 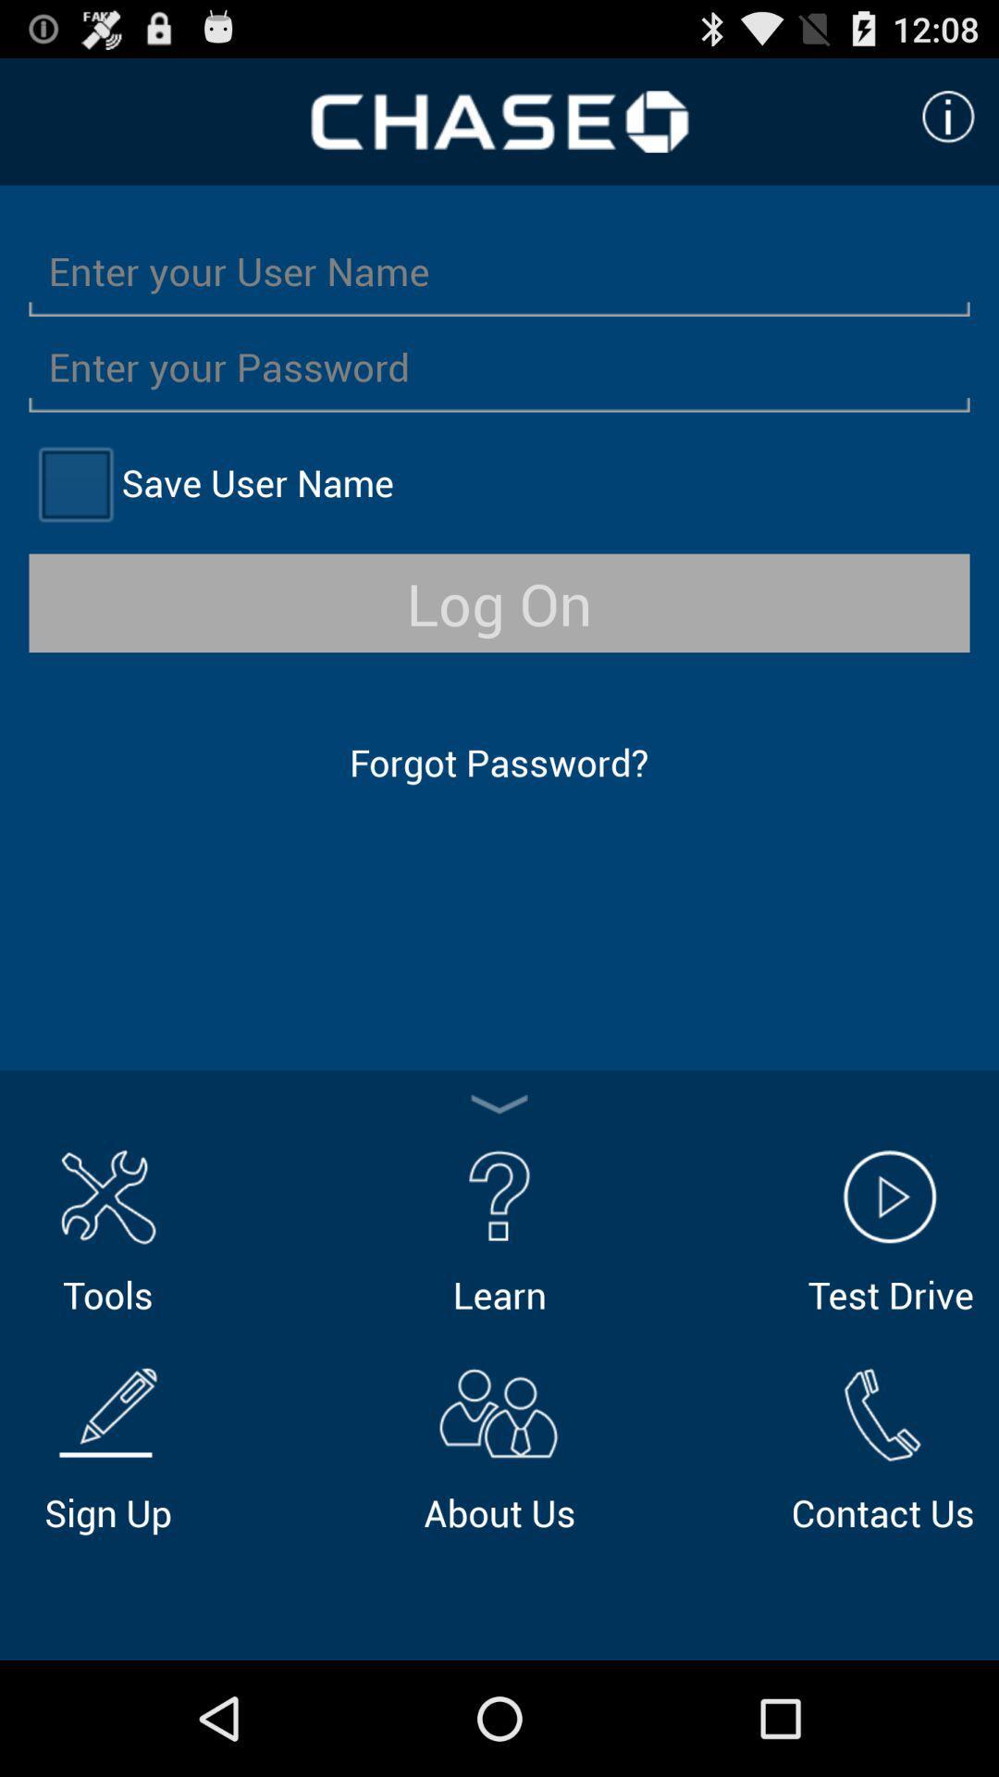 What do you see at coordinates (499, 1228) in the screenshot?
I see `item to the right of the tools icon` at bounding box center [499, 1228].